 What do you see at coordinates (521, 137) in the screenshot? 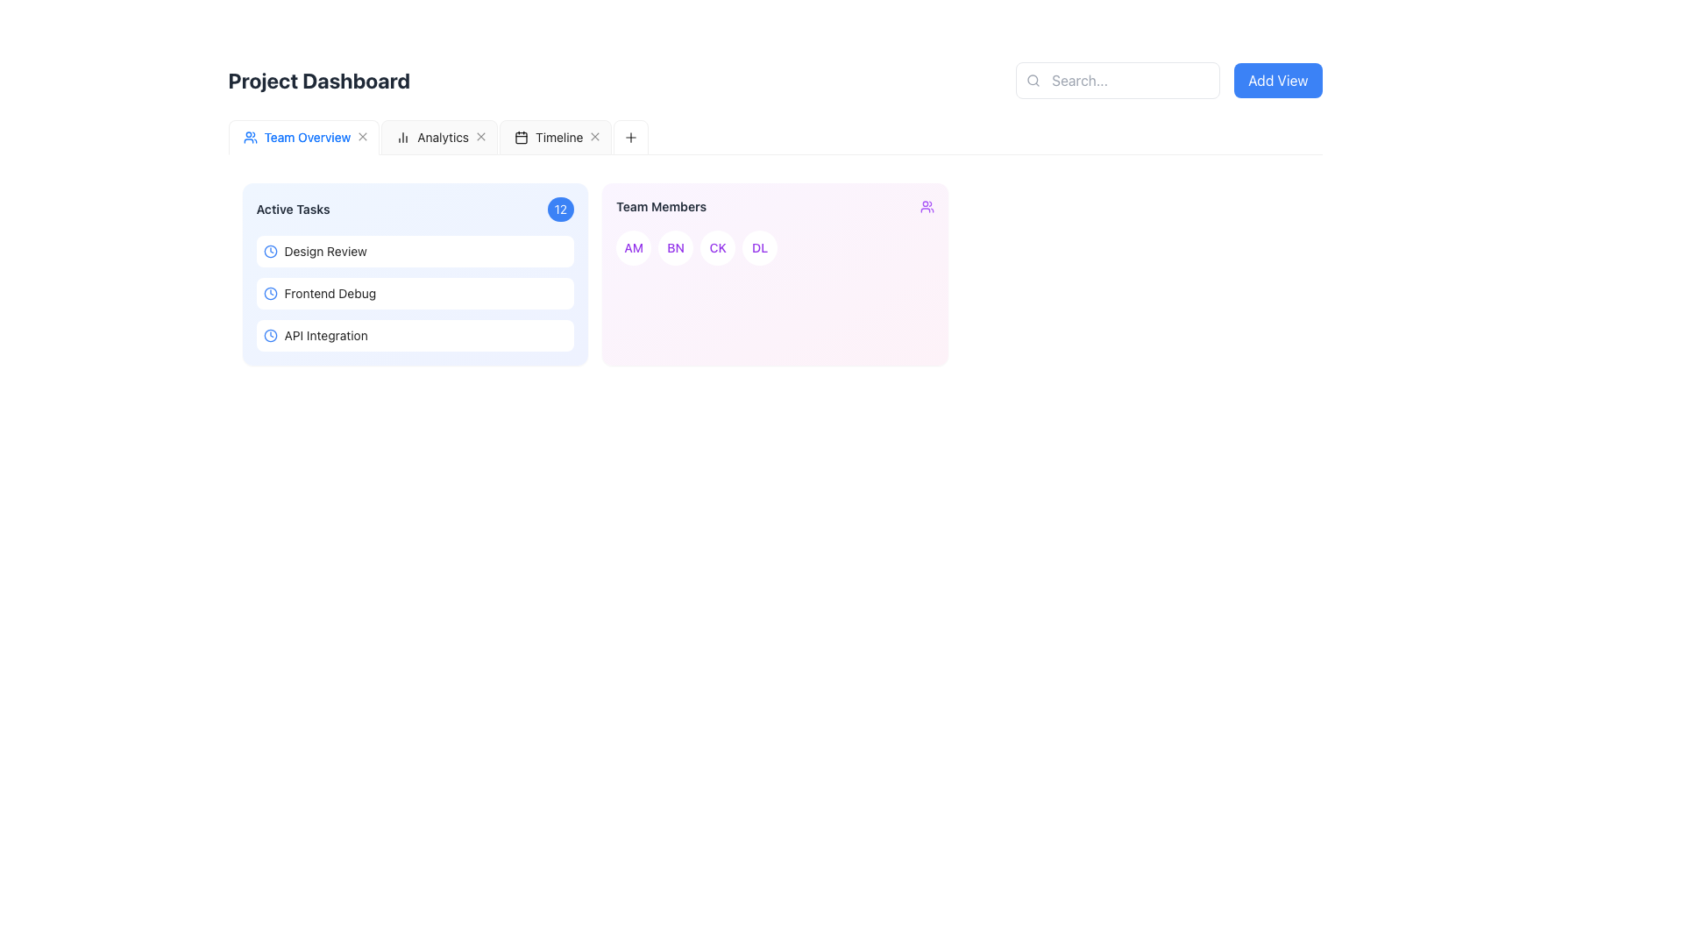
I see `the decorative rectangle with rounded corners within the SVG calendar icon located in the 'Timeline' tab of the tab navigation bar` at bounding box center [521, 137].